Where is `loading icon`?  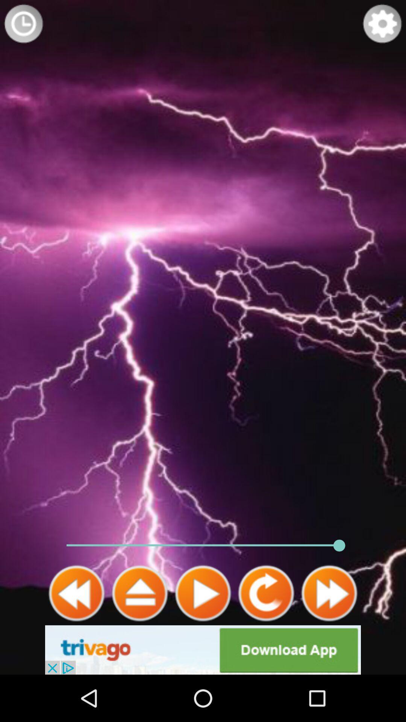
loading icon is located at coordinates (23, 23).